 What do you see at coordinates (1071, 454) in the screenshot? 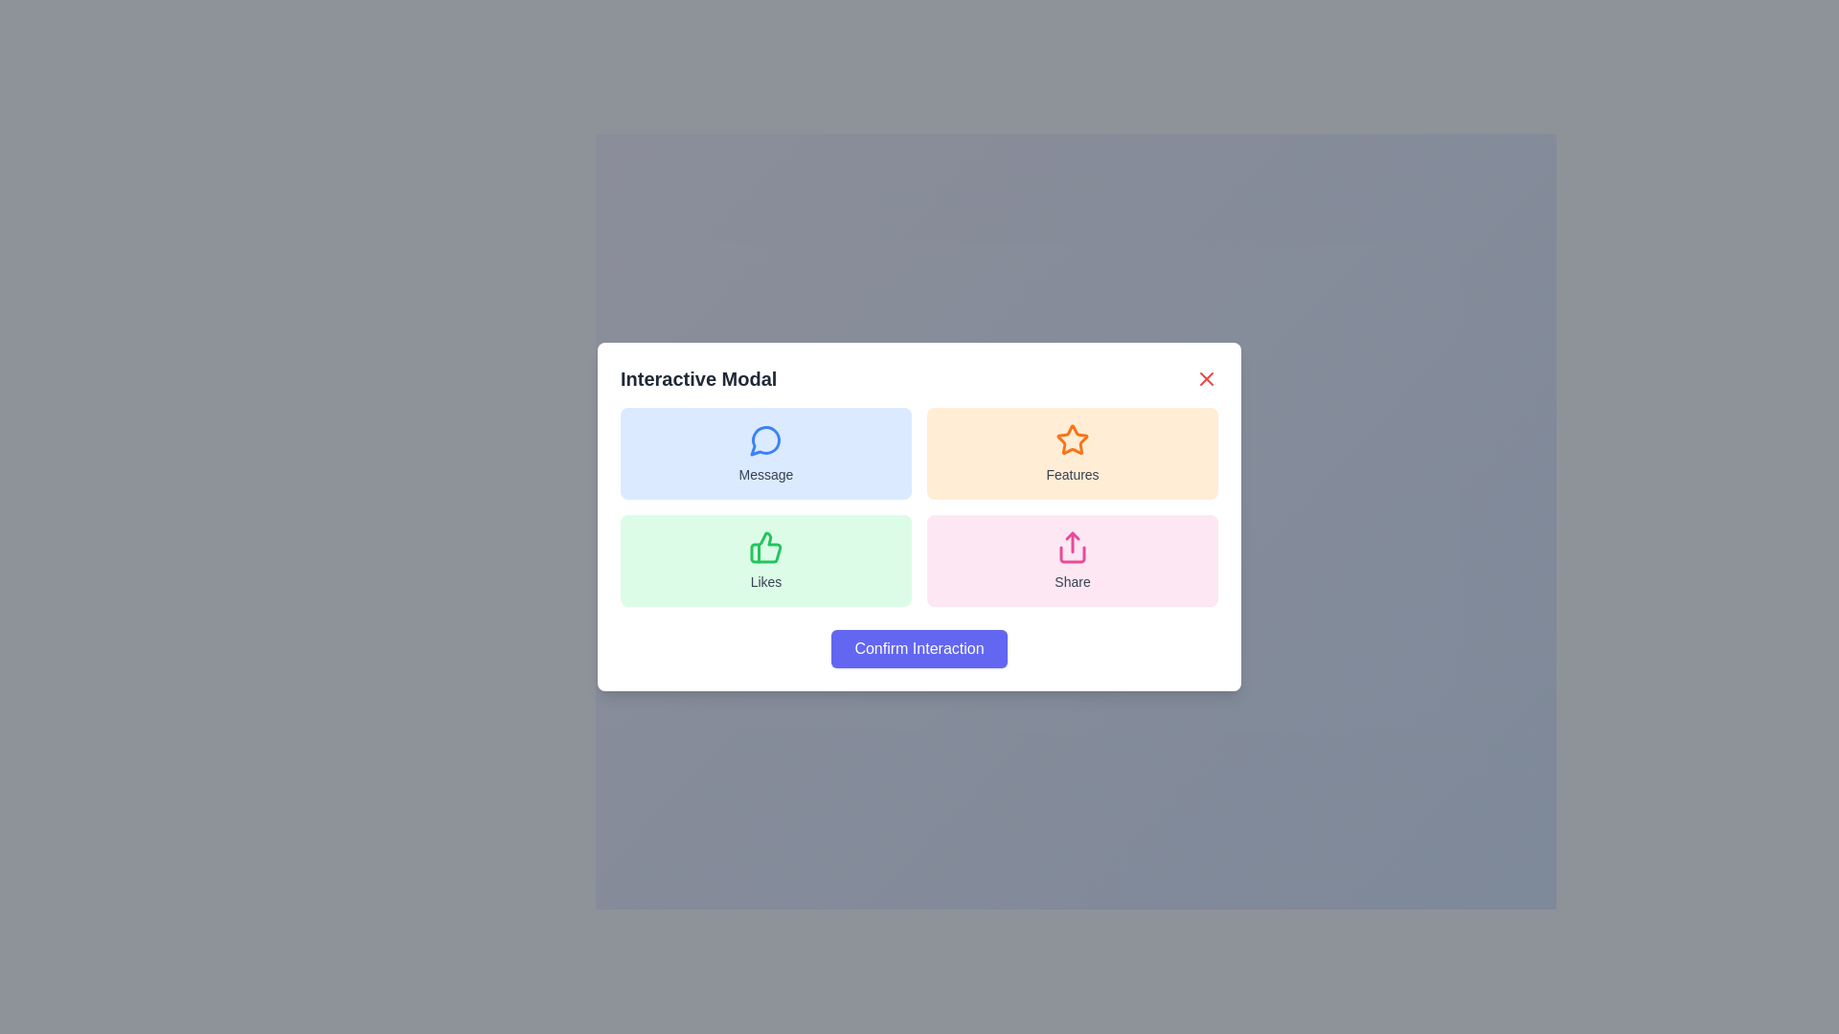
I see `the second card in the grid layout, which has a beige background, rounded corners, an orange star icon at the top center, and the text 'Features' in gray beneath it` at bounding box center [1071, 454].